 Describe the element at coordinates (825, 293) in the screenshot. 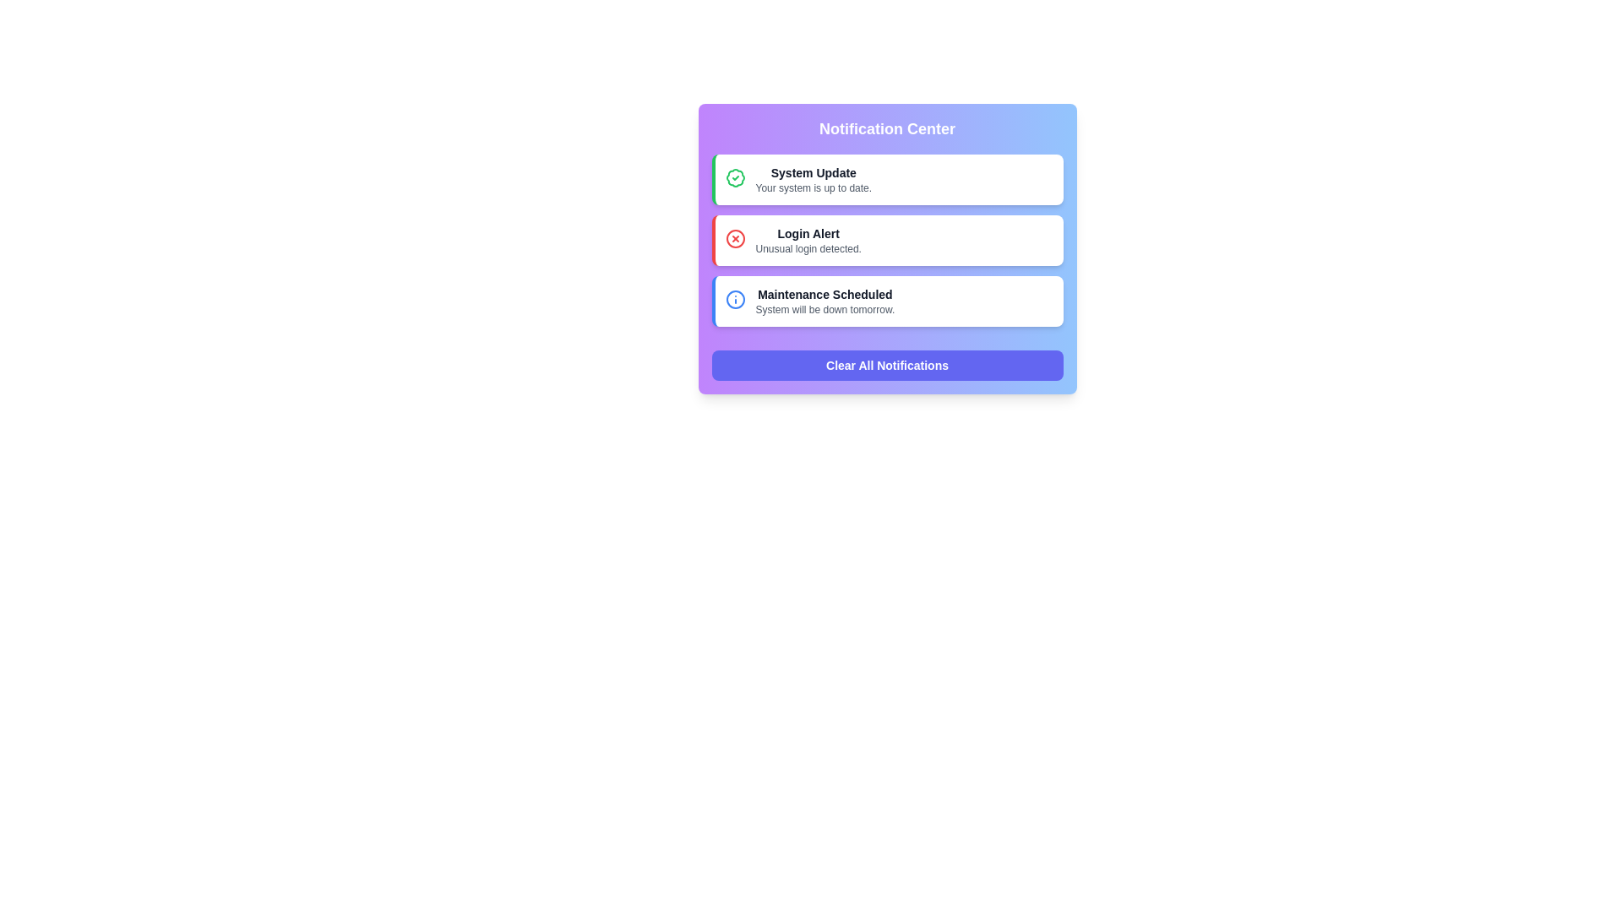

I see `the Text Label that serves as the title or header of a notification, which is located above the text 'System will be down tomorrow.'` at that location.